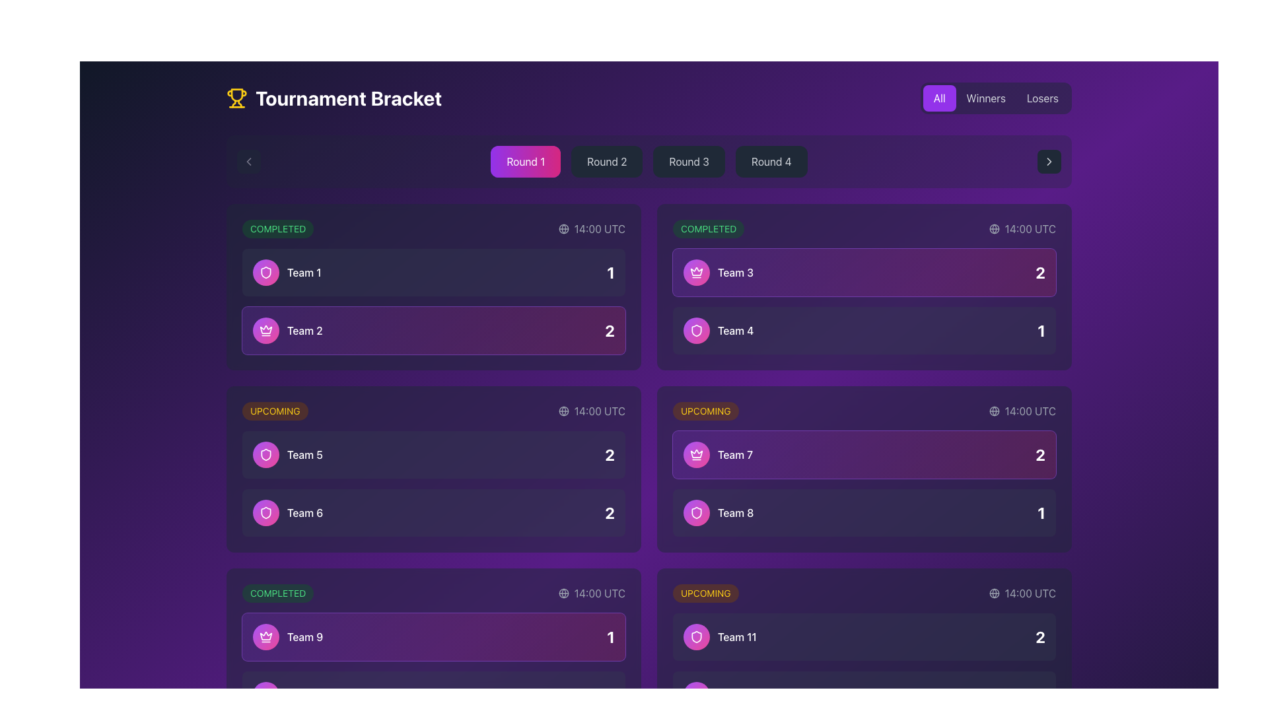 The width and height of the screenshot is (1268, 713). What do you see at coordinates (696, 271) in the screenshot?
I see `the Decorative icon representing 'Team 3', located in the top-right section of the interface, to the left of the text label 'Team 3'` at bounding box center [696, 271].